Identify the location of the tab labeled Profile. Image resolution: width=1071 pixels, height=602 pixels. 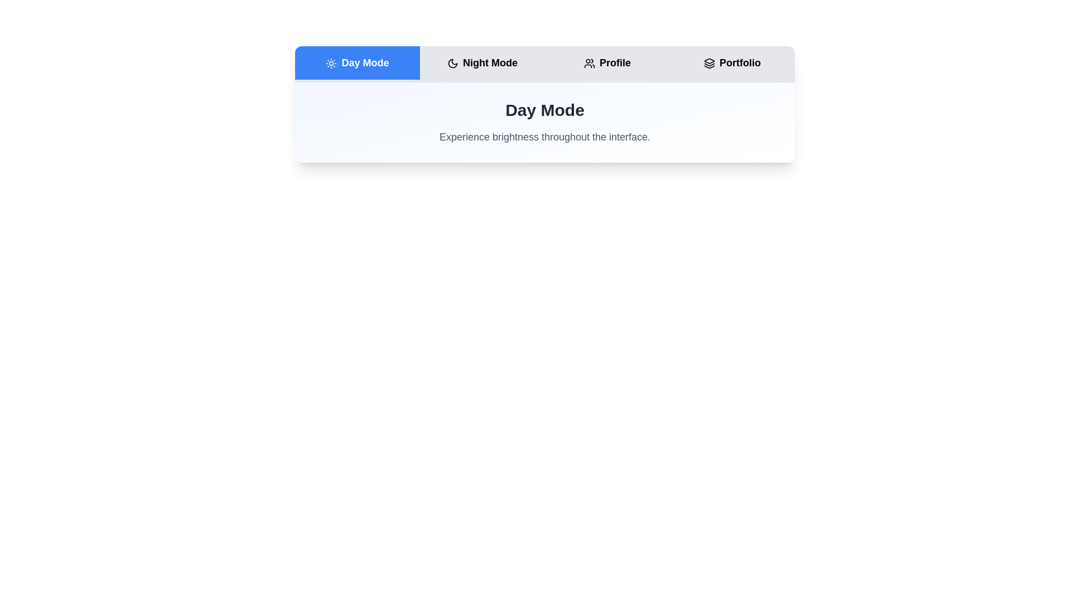
(607, 62).